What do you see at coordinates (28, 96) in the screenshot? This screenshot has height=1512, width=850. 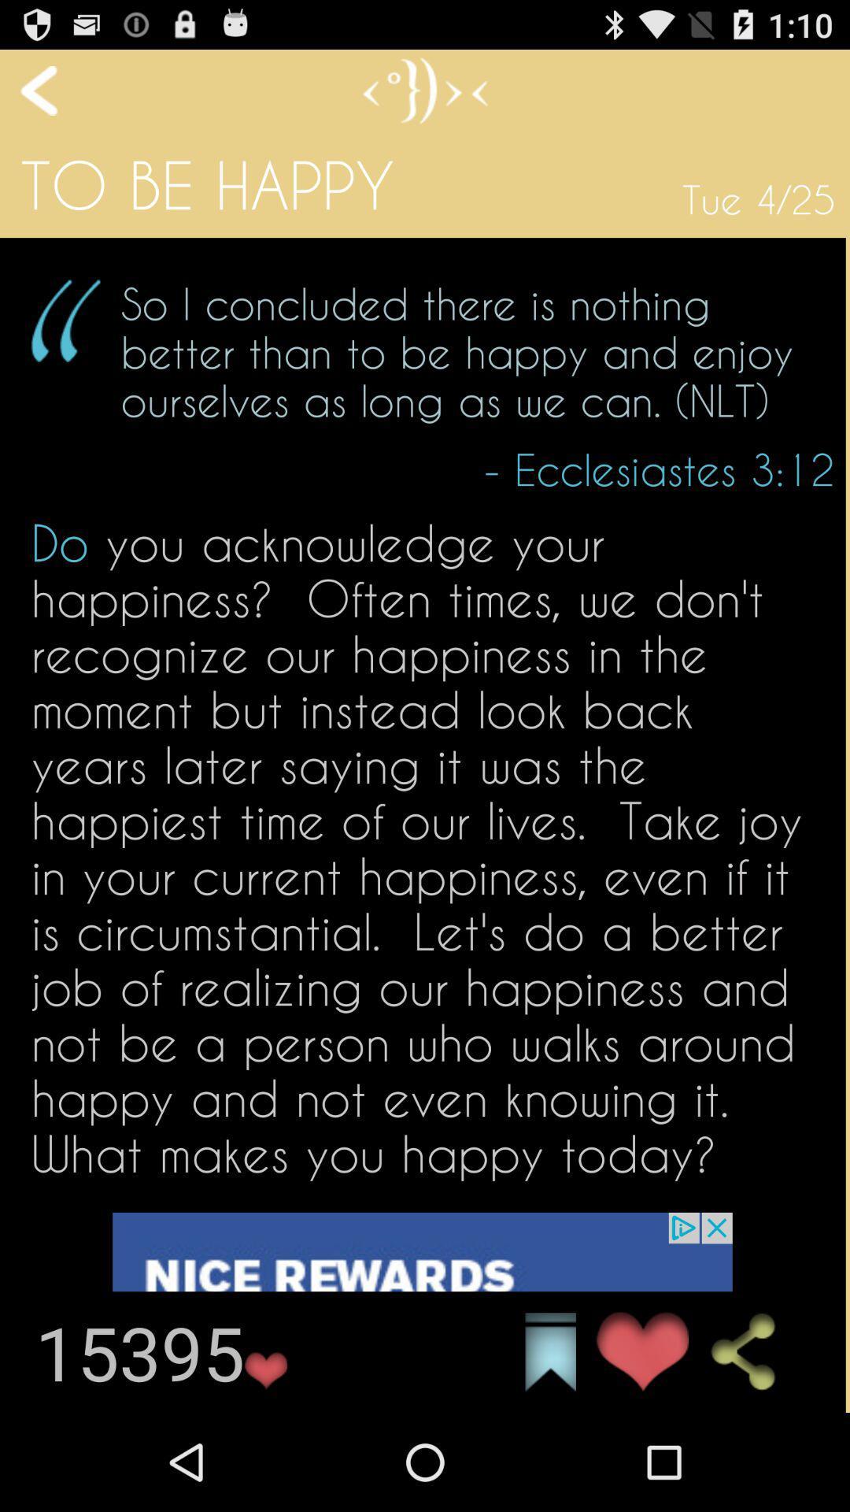 I see `the arrow_backward icon` at bounding box center [28, 96].